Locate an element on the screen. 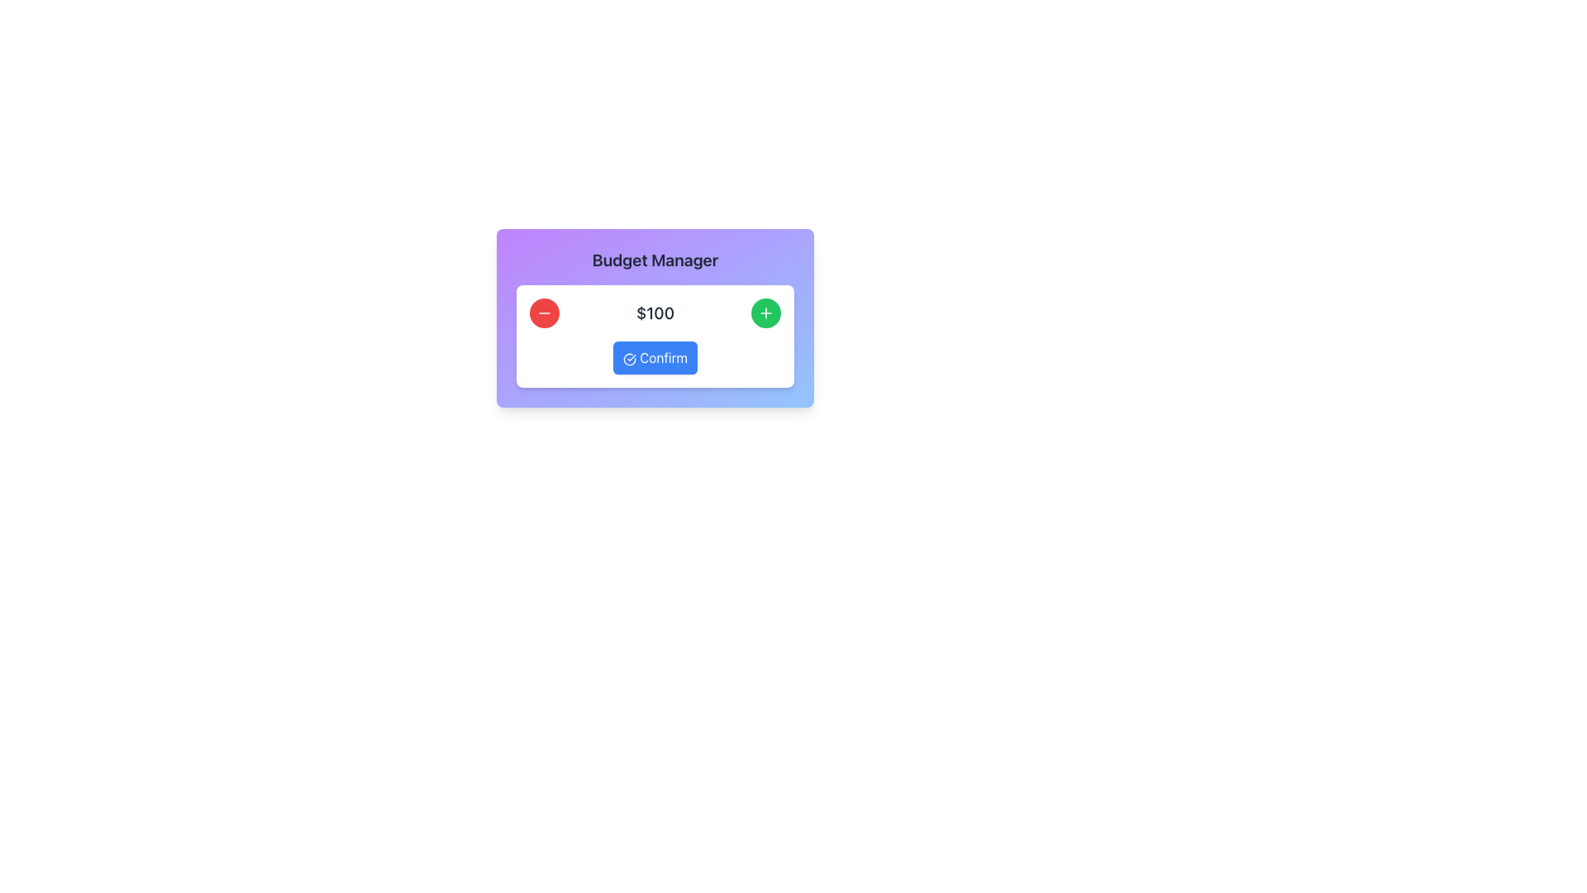 The width and height of the screenshot is (1587, 893). the rounded blue 'Confirm' button with white text and a checkmark icon is located at coordinates (654, 356).